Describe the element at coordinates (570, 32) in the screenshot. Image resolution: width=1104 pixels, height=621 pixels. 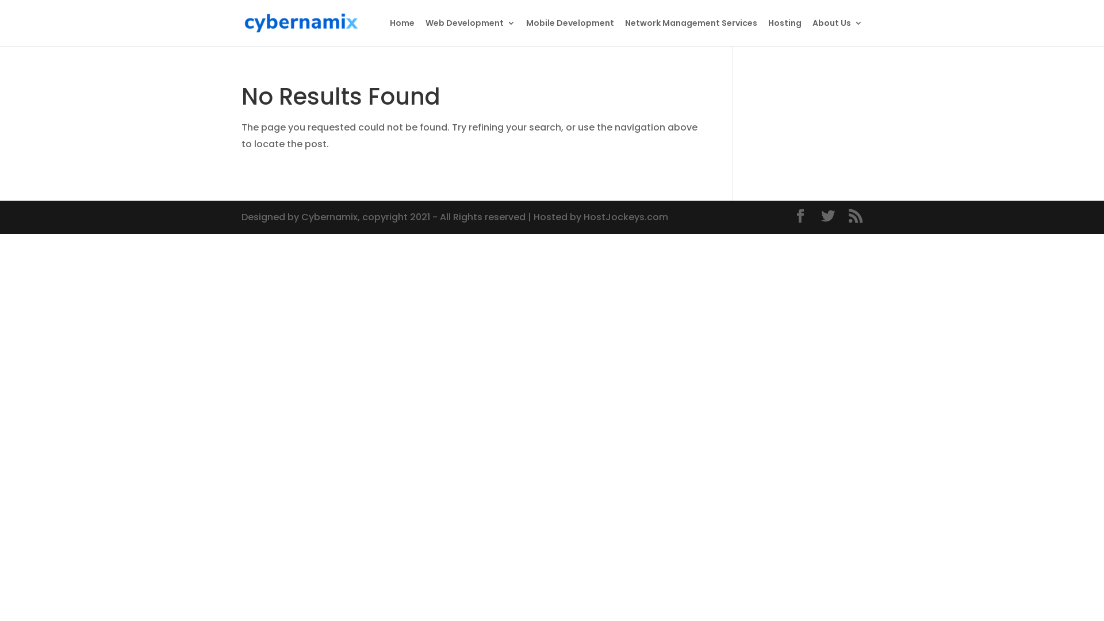
I see `'Mobile Development'` at that location.